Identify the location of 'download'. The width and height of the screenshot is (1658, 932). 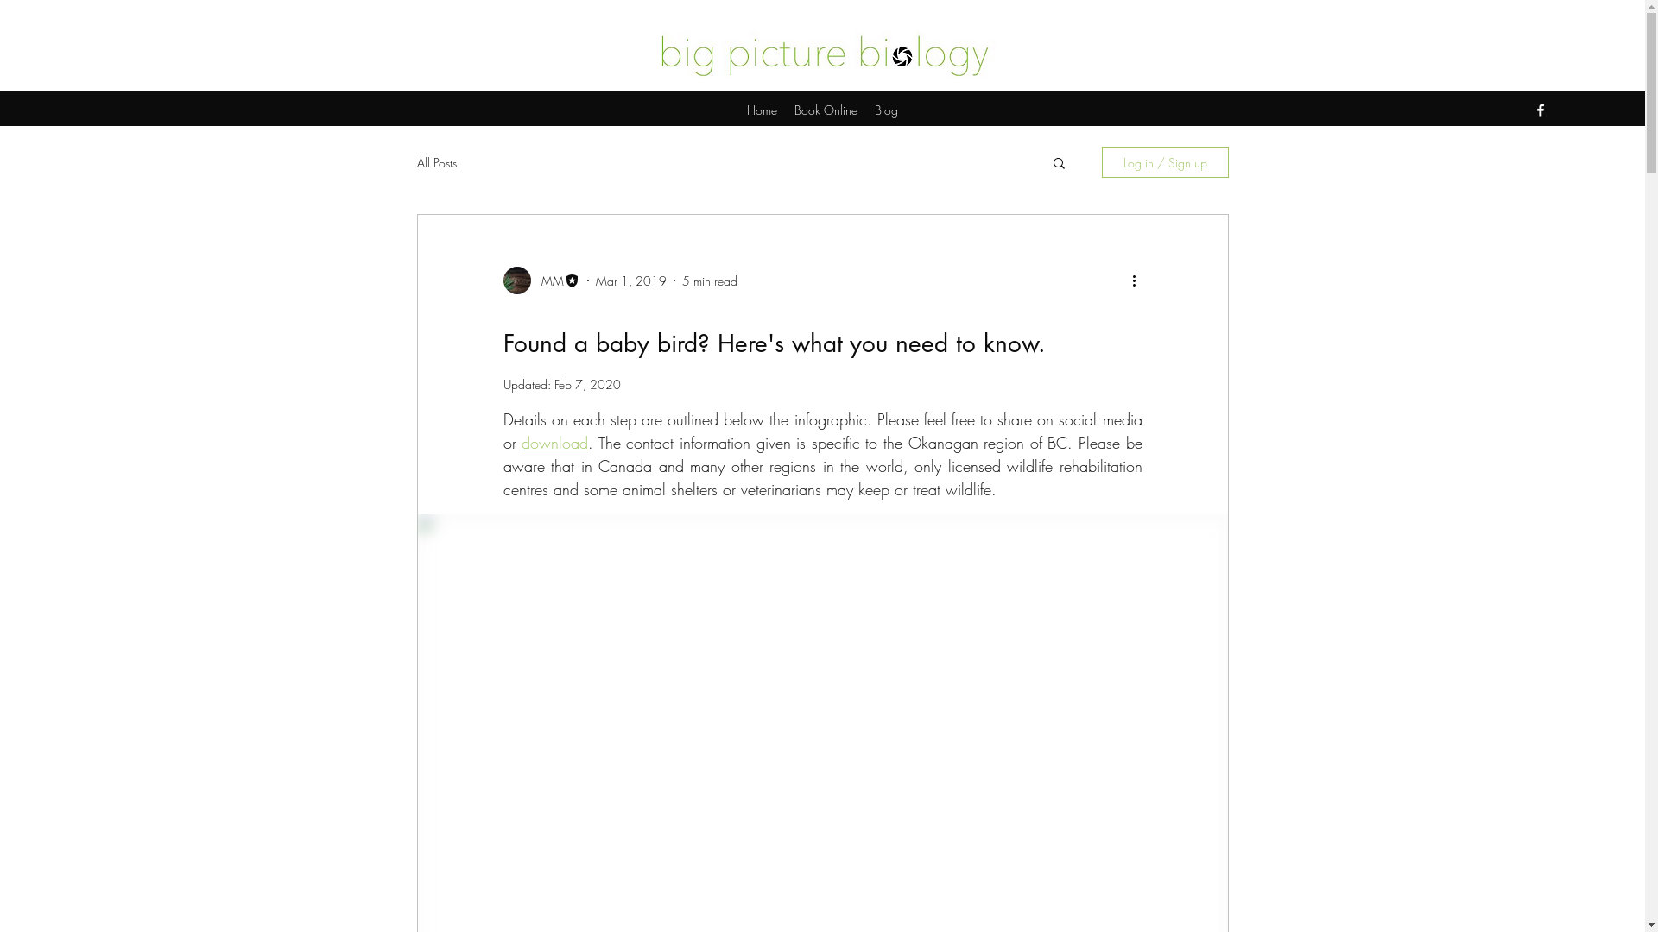
(554, 442).